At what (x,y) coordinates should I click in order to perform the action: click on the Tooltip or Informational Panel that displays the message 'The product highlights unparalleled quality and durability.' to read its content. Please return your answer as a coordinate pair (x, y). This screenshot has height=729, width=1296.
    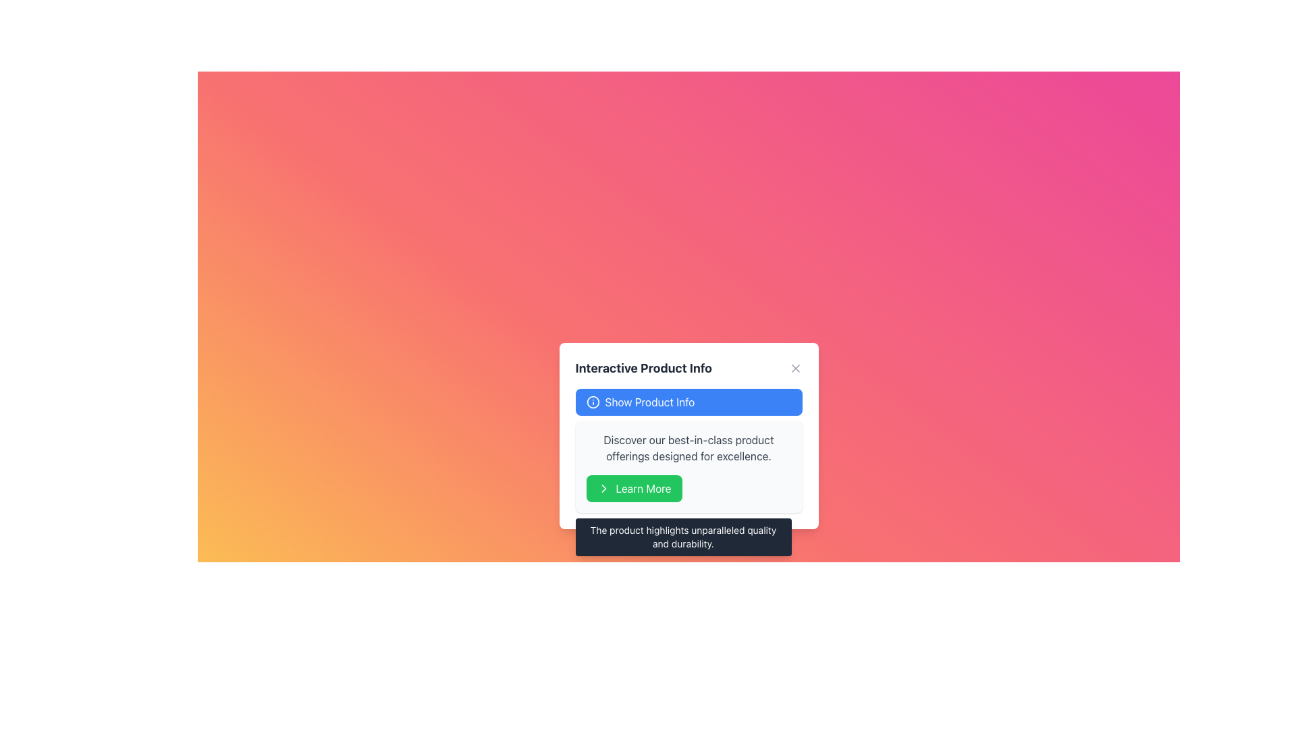
    Looking at the image, I should click on (683, 536).